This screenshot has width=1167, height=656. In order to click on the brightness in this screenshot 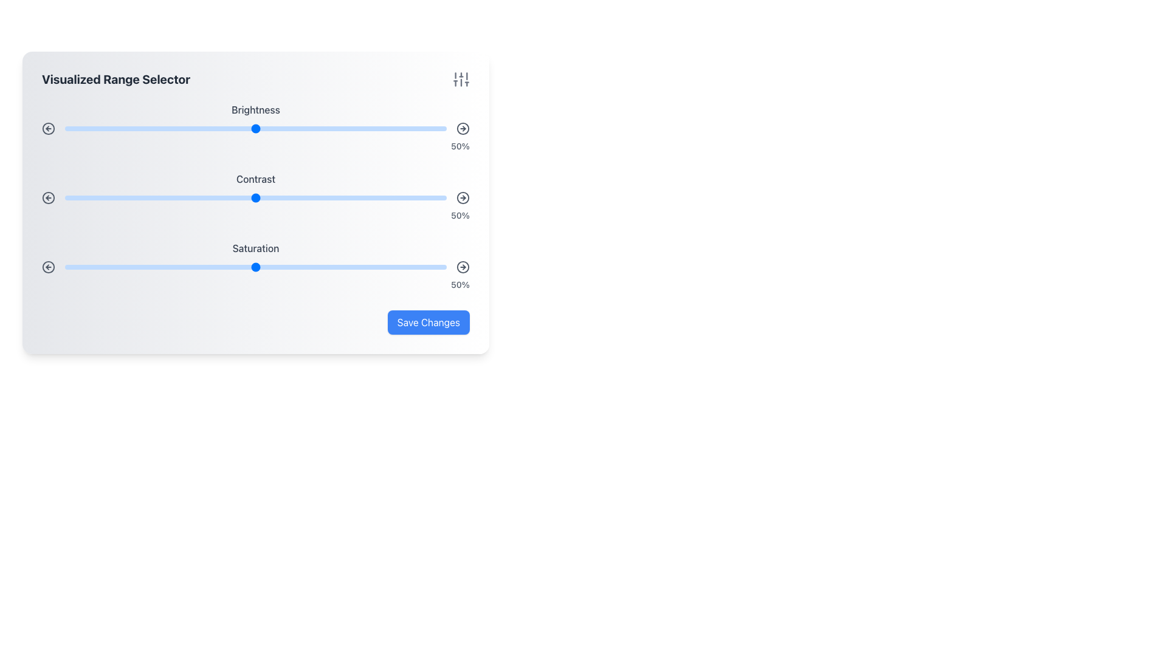, I will do `click(274, 129)`.